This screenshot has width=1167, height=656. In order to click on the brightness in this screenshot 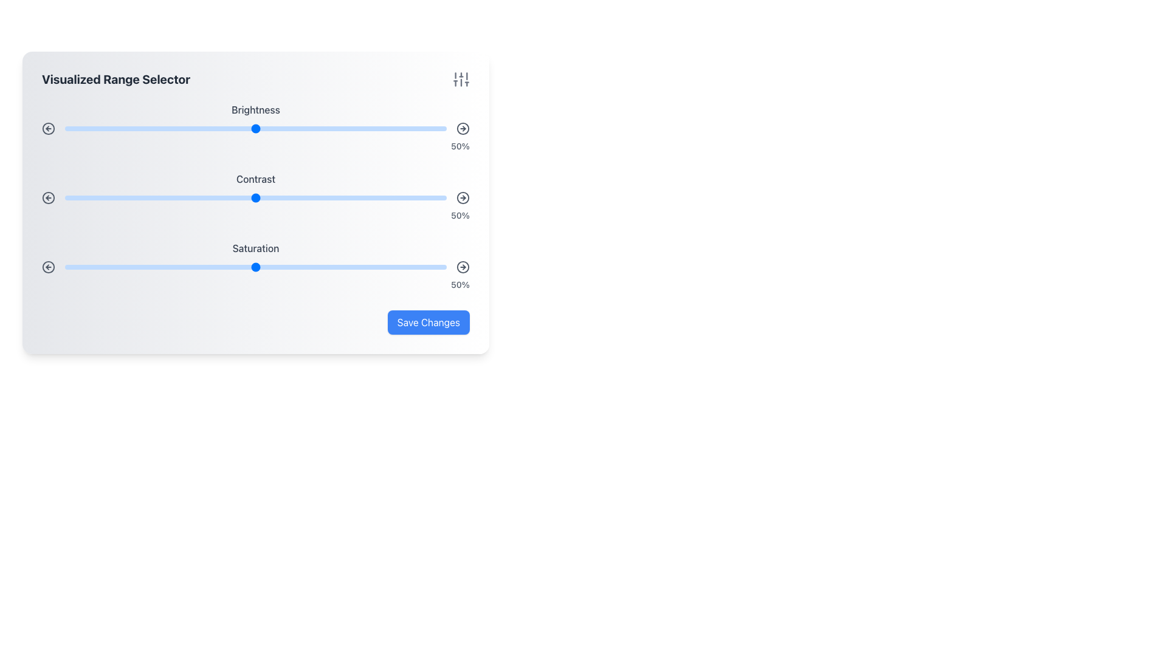, I will do `click(274, 129)`.